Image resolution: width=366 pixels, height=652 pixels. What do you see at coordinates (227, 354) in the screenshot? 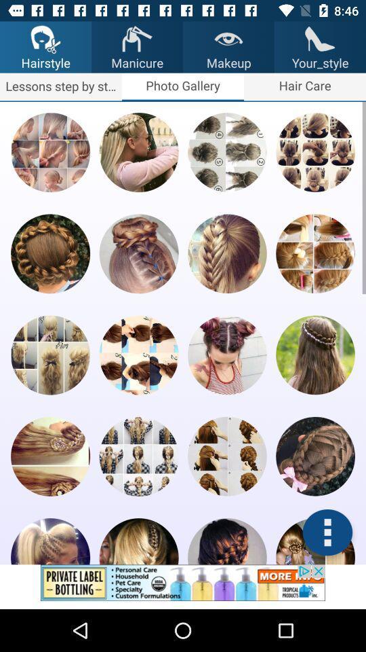
I see `option` at bounding box center [227, 354].